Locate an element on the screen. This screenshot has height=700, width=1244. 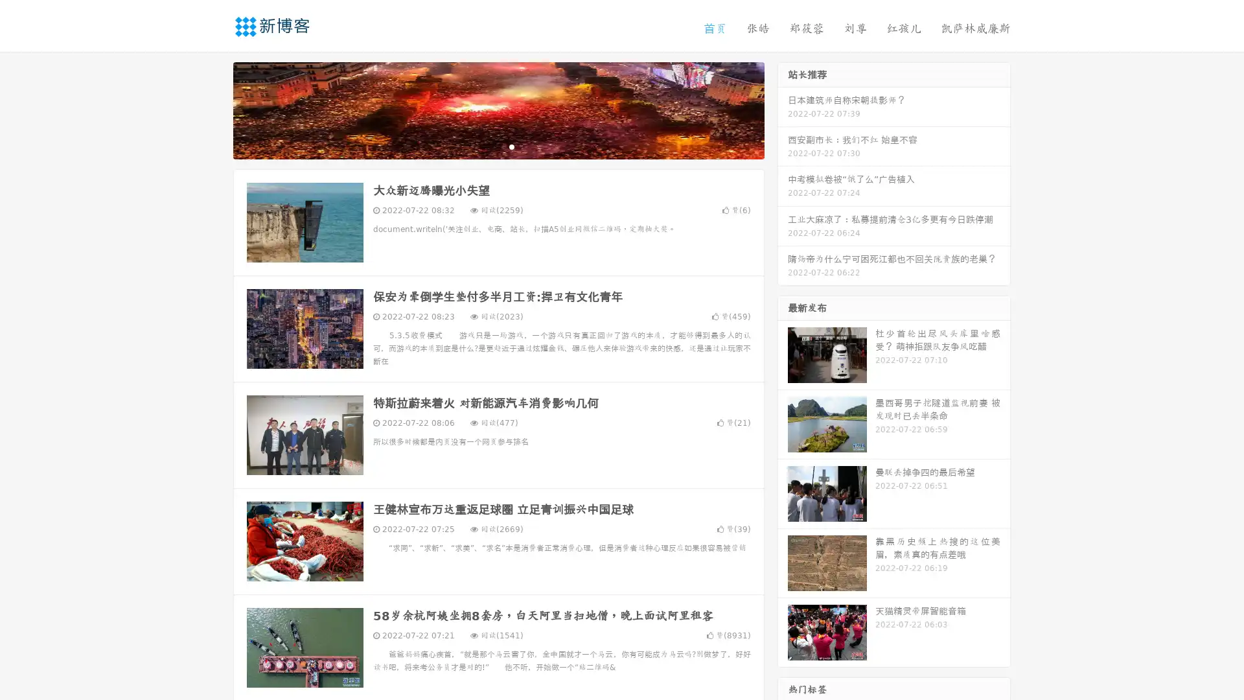
Go to slide 1 is located at coordinates (485, 146).